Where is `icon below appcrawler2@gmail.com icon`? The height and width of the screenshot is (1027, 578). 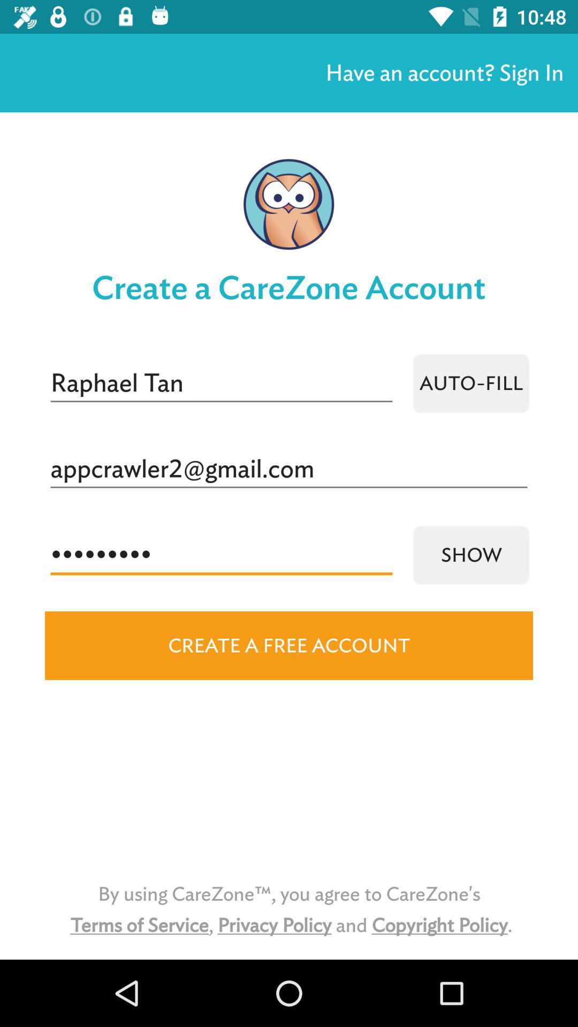 icon below appcrawler2@gmail.com icon is located at coordinates (470, 555).